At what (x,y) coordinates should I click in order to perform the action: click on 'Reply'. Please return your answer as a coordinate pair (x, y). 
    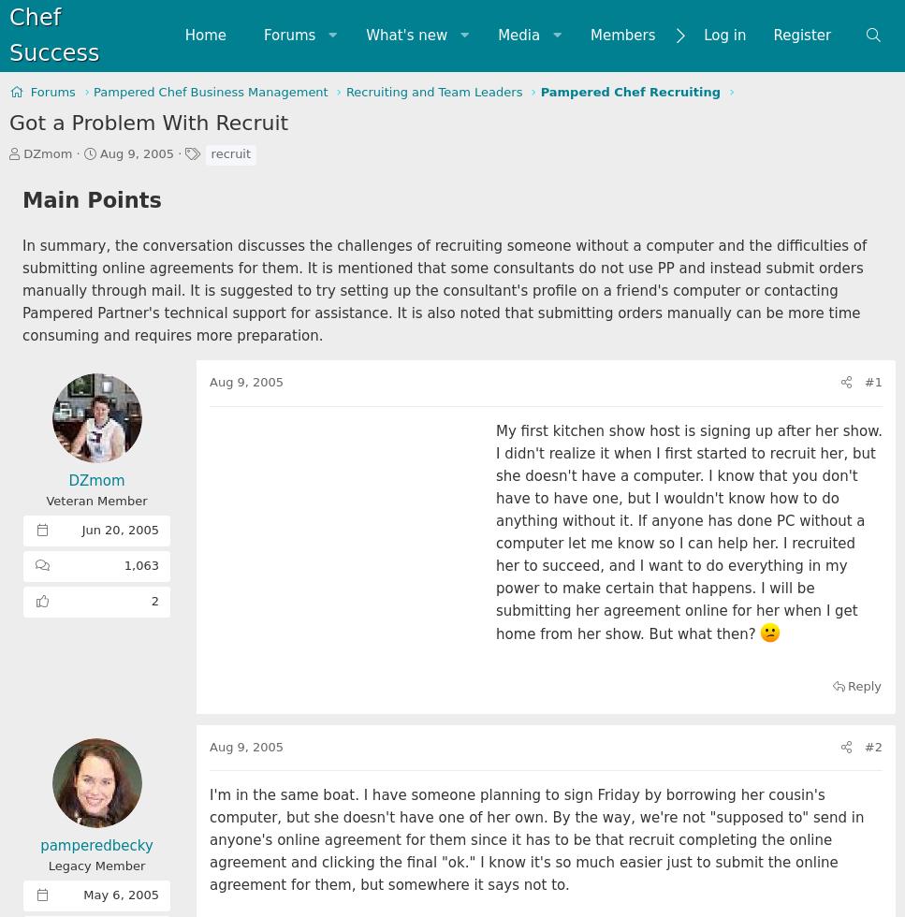
    Looking at the image, I should click on (864, 685).